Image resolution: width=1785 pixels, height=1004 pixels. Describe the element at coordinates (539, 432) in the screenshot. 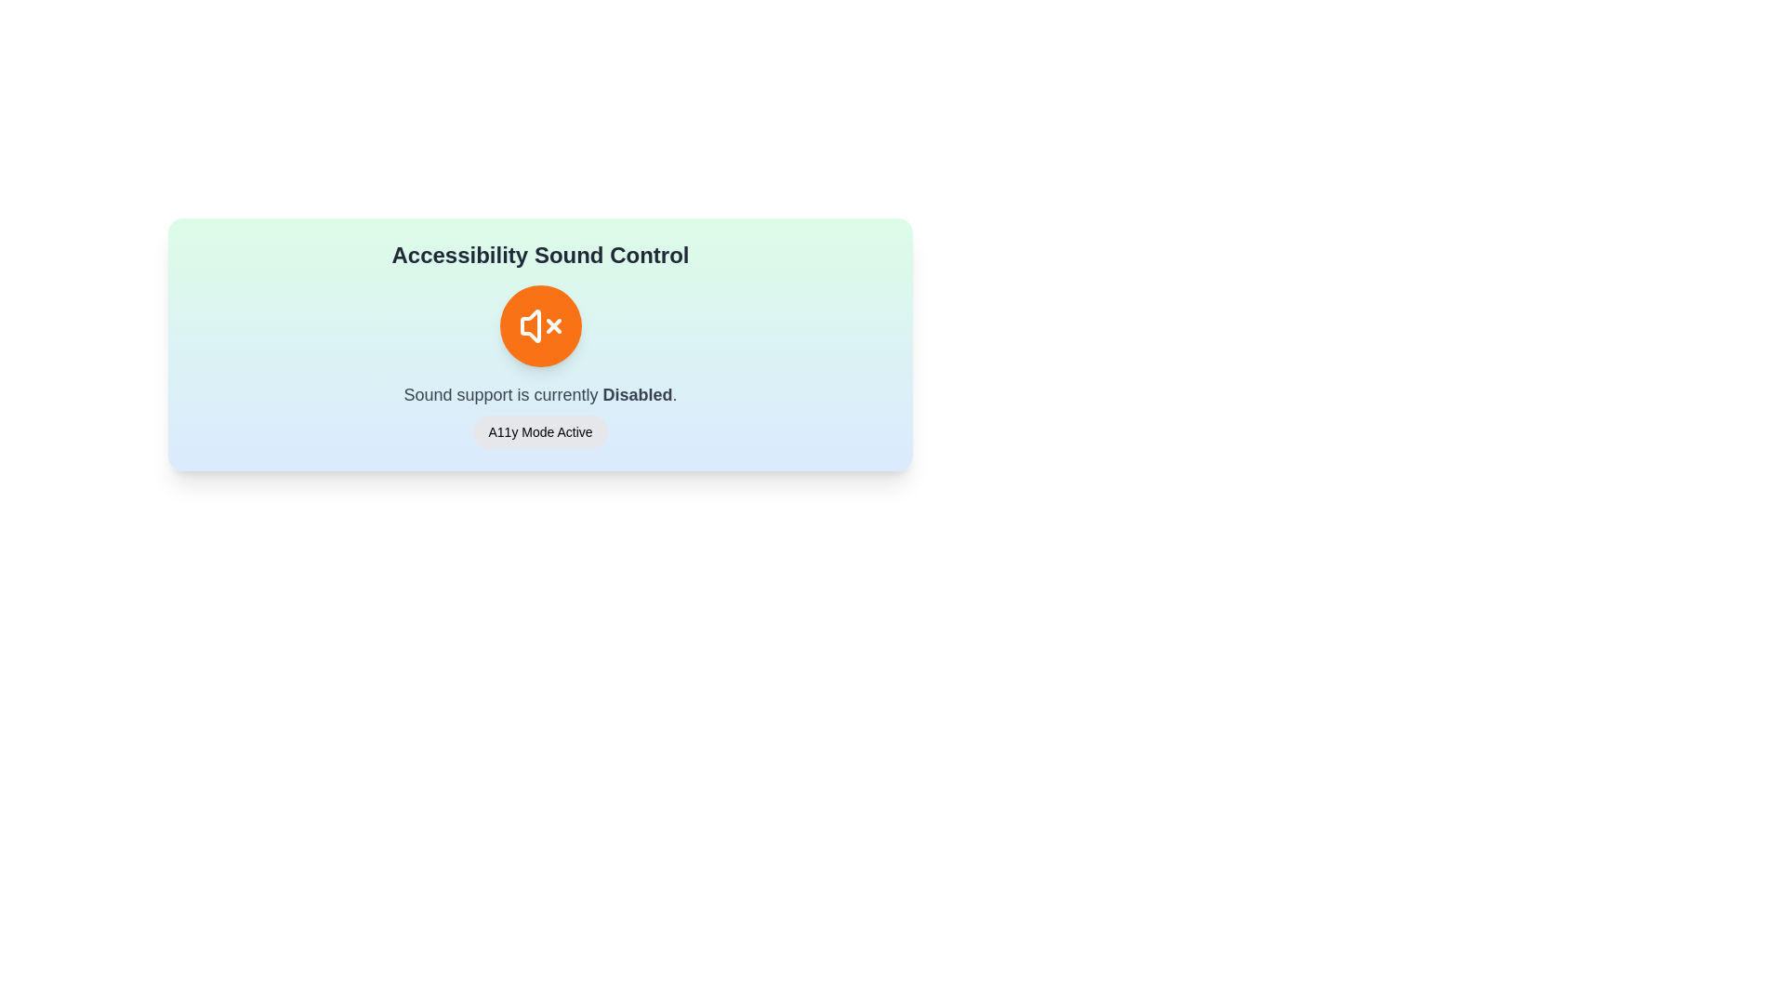

I see `the 'A11y Mode Active' tag` at that location.